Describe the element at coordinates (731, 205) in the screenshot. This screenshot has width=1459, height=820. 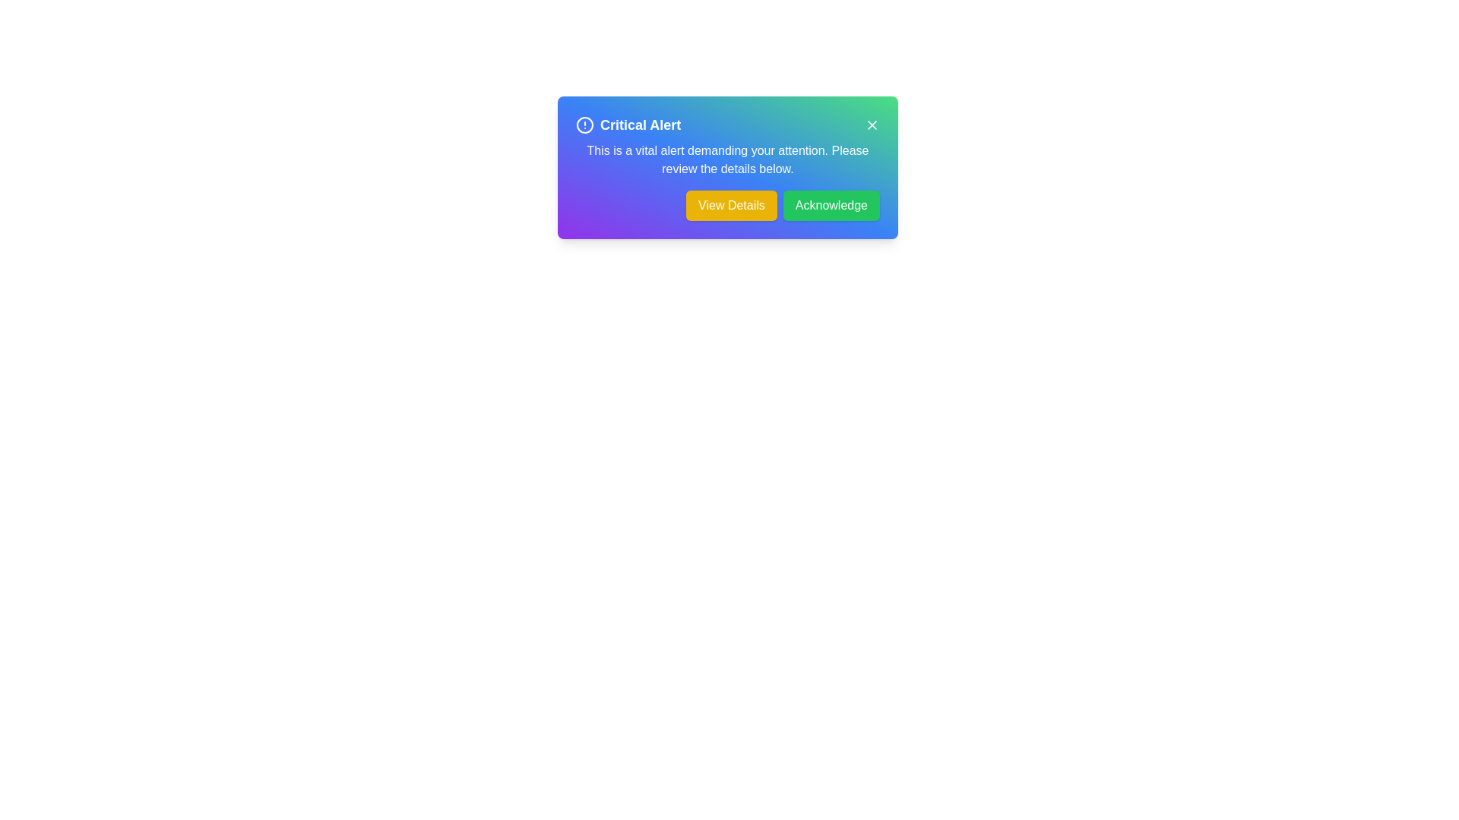
I see `the yellow button with rounded corners and white text reading 'View Details' located at the bottom left of the alert dialog box` at that location.